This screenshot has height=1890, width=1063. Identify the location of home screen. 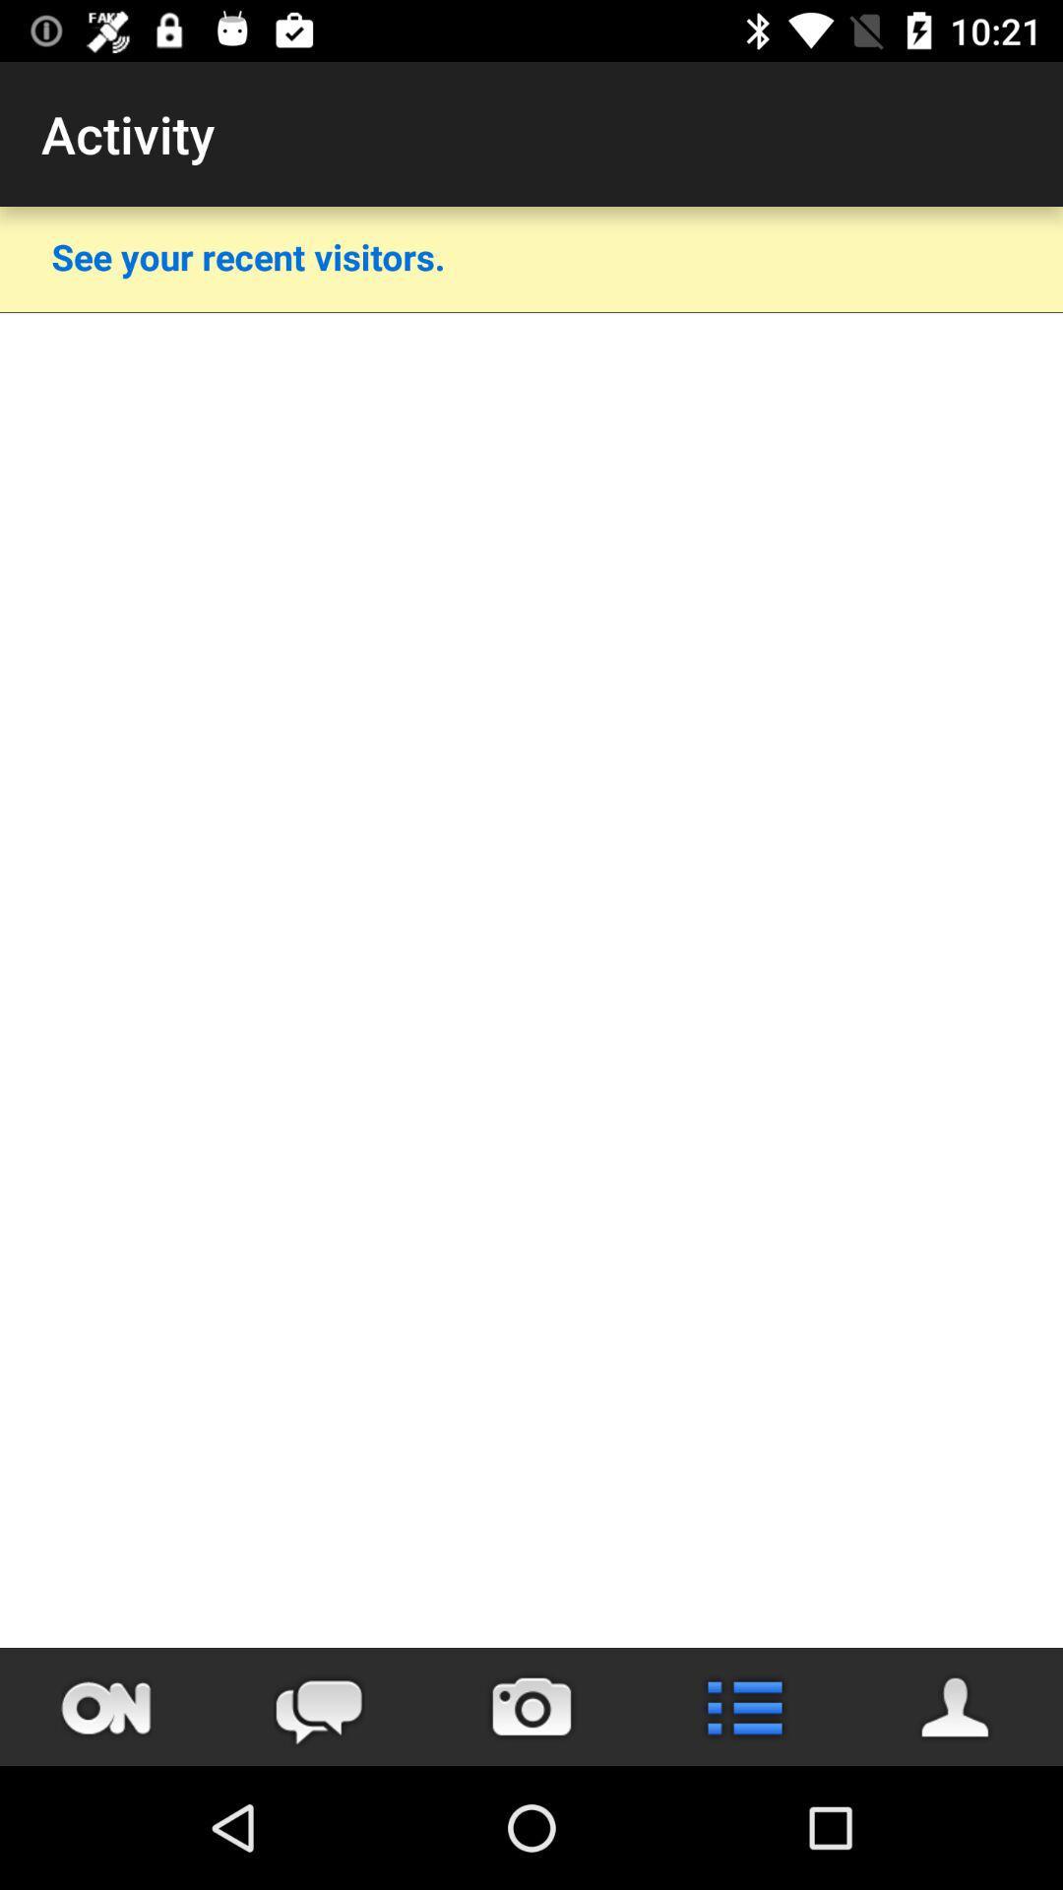
(106, 1706).